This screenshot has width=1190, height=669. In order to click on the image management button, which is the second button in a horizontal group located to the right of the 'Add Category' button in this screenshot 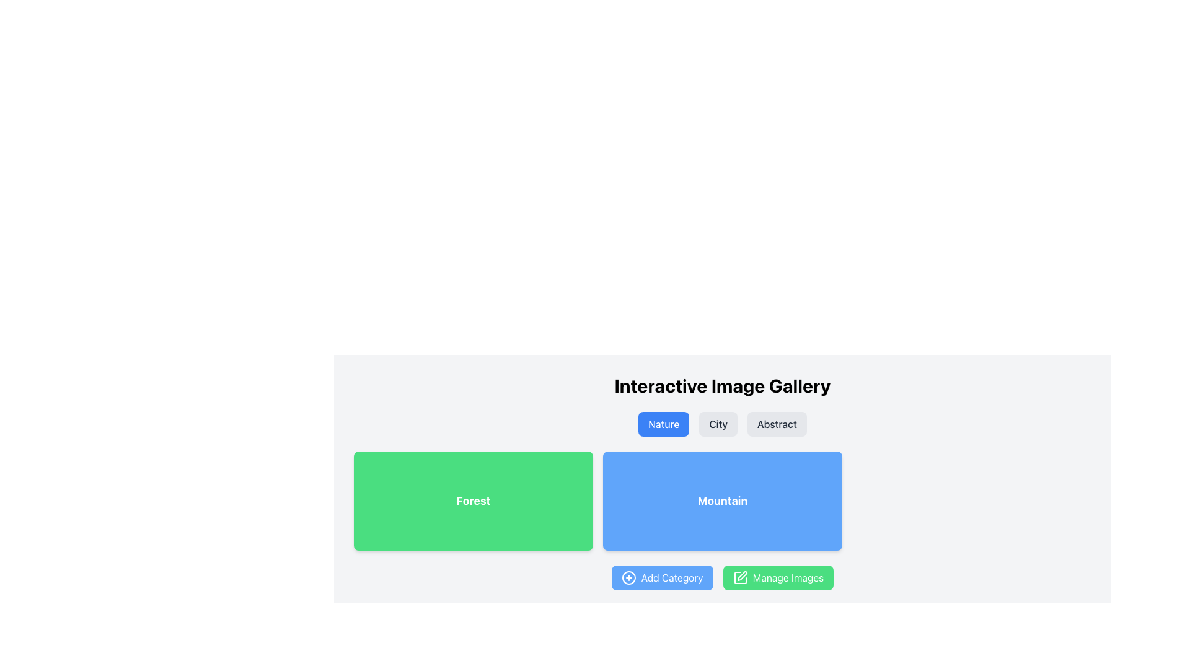, I will do `click(777, 578)`.